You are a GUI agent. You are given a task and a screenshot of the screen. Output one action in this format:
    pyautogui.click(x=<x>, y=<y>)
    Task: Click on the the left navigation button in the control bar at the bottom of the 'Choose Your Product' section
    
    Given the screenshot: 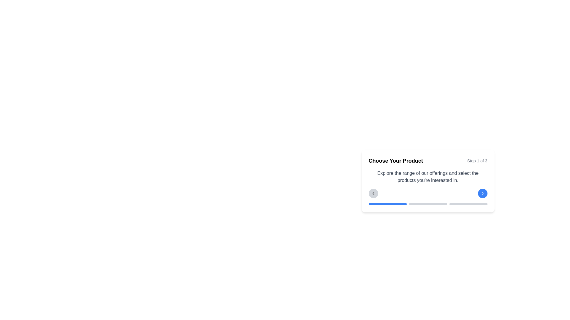 What is the action you would take?
    pyautogui.click(x=373, y=193)
    